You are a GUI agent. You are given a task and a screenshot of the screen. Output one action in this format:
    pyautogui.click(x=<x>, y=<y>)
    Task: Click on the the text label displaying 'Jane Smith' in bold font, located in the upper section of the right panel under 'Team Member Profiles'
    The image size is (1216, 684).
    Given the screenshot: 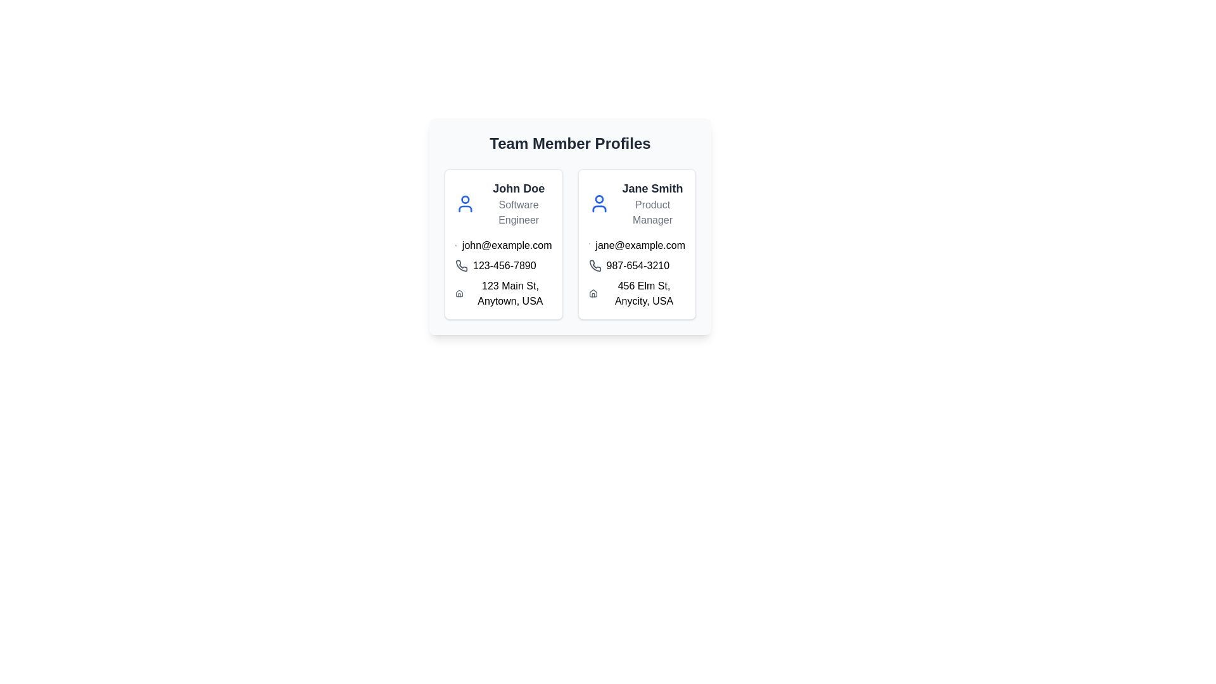 What is the action you would take?
    pyautogui.click(x=652, y=188)
    